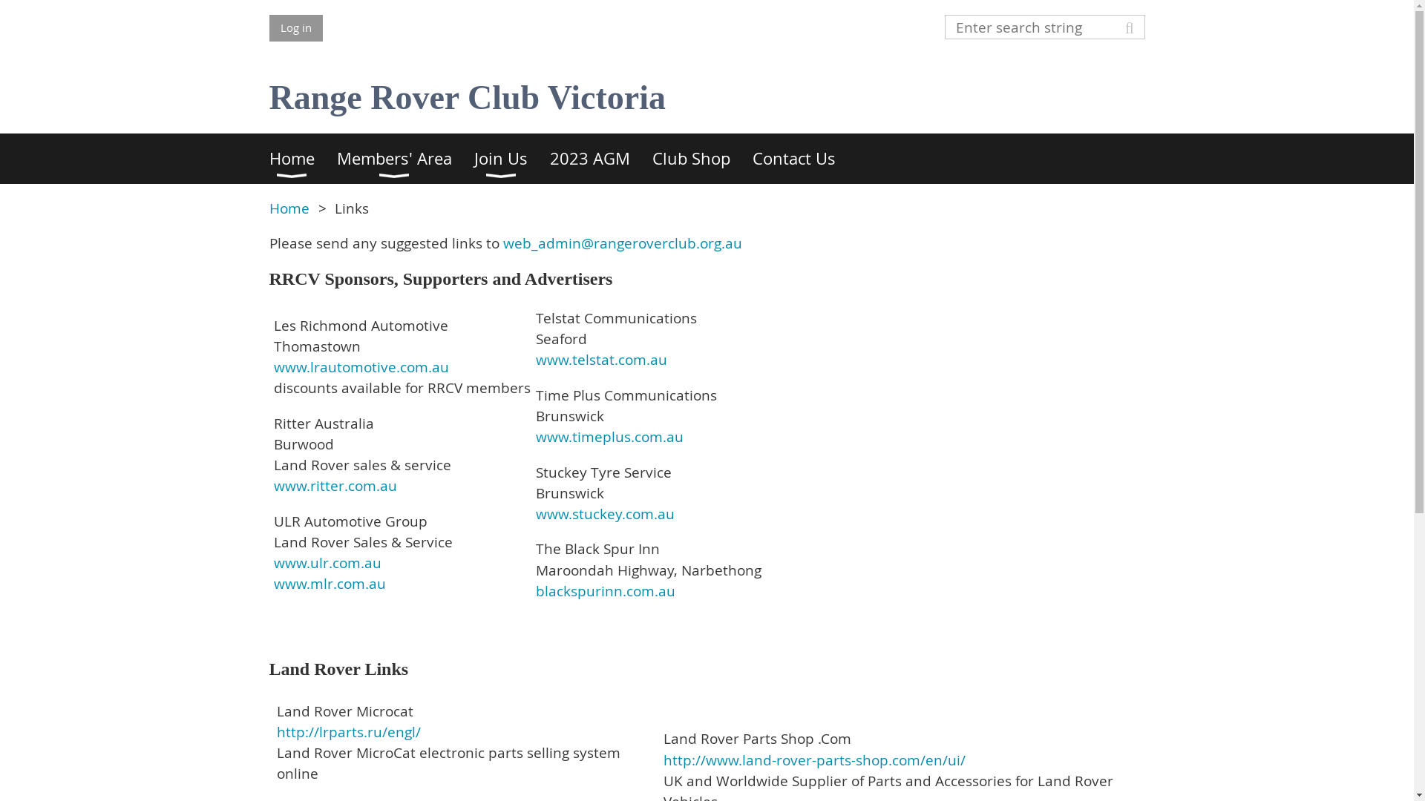 The image size is (1425, 801). What do you see at coordinates (268, 208) in the screenshot?
I see `'Home'` at bounding box center [268, 208].